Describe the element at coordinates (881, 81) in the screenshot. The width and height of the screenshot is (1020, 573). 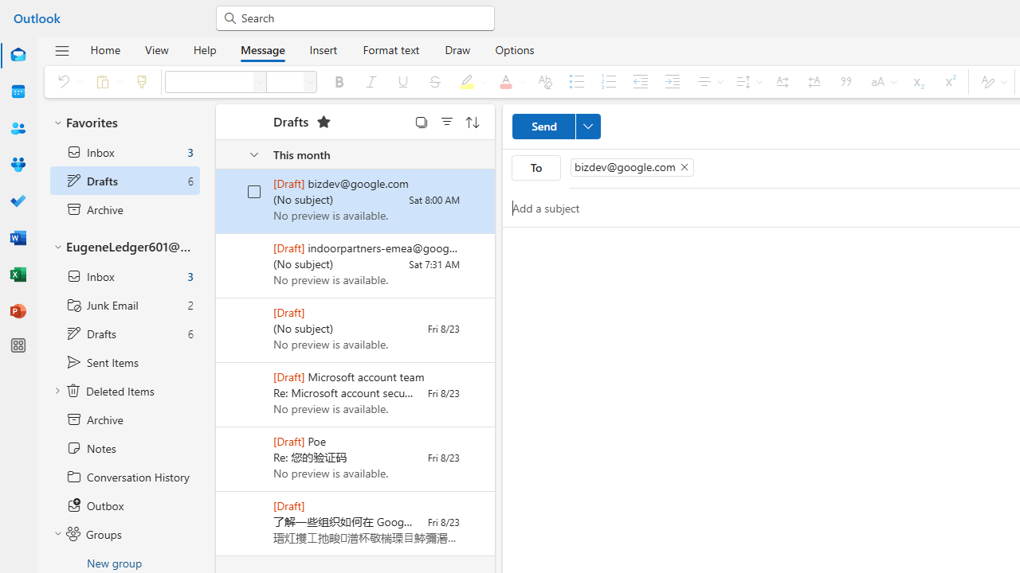
I see `'Change case'` at that location.